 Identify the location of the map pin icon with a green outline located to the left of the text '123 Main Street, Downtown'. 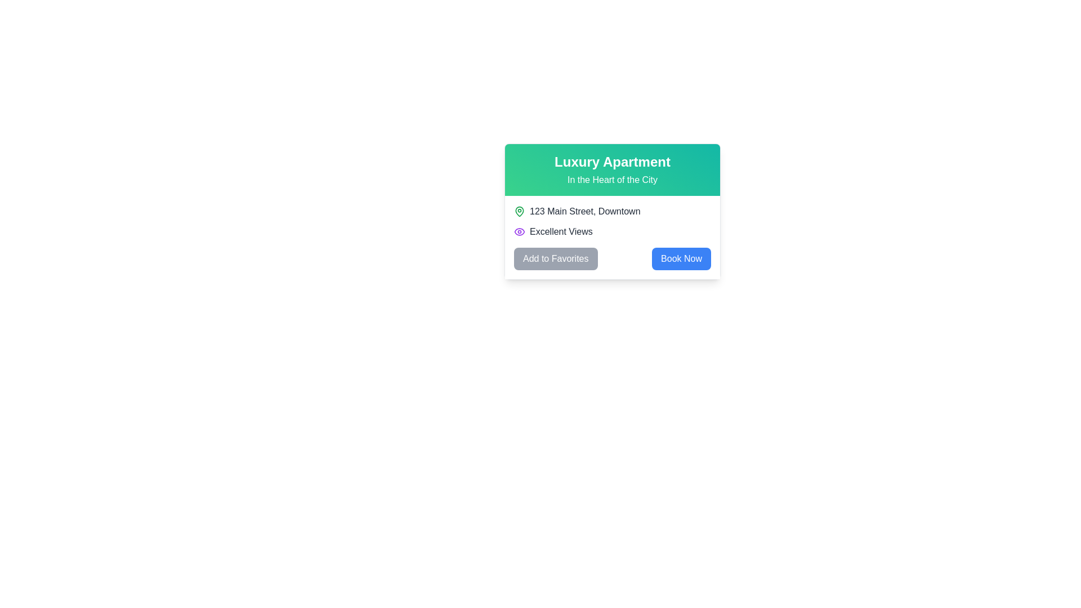
(519, 211).